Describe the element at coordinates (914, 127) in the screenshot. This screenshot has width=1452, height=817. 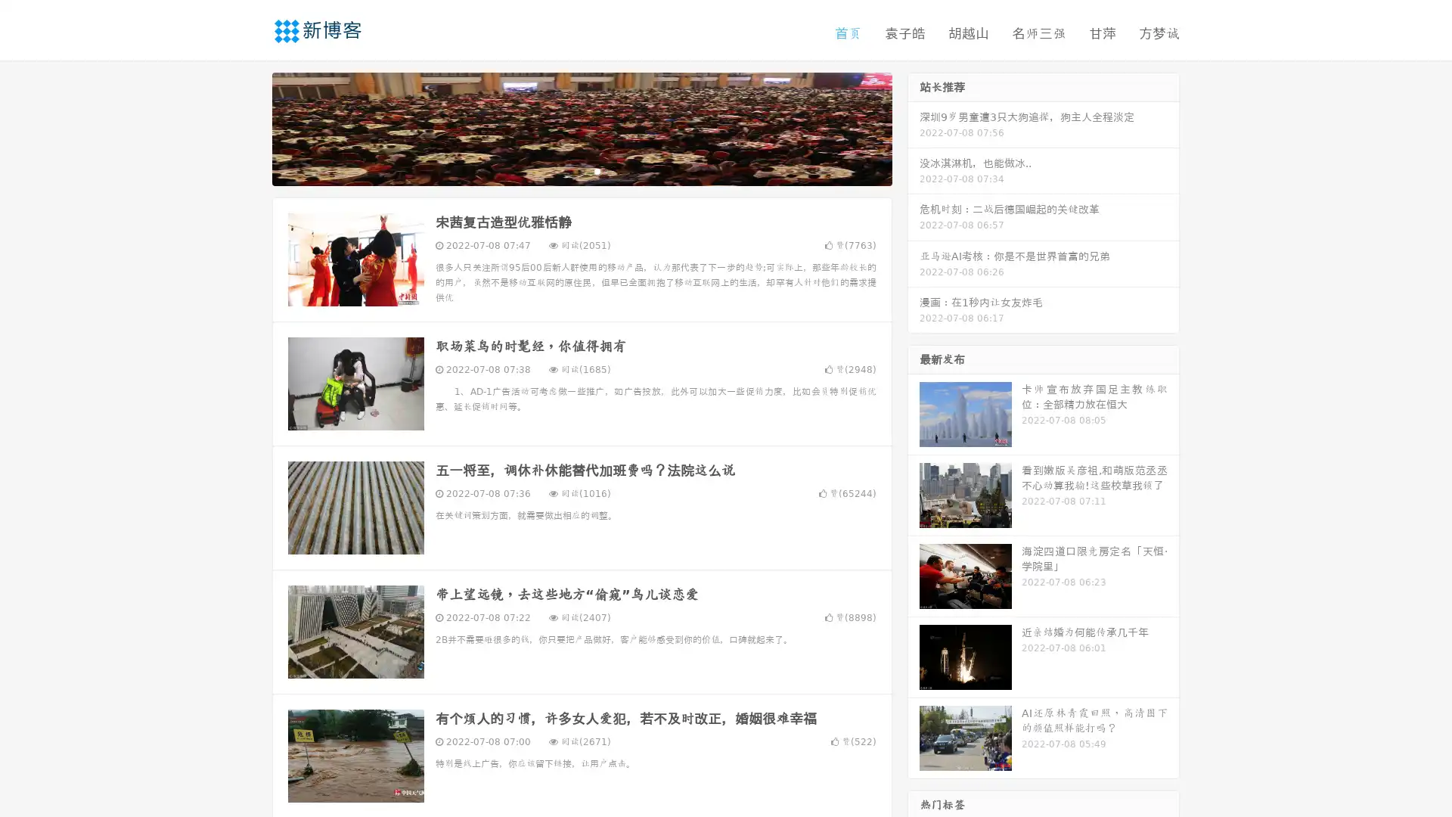
I see `Next slide` at that location.